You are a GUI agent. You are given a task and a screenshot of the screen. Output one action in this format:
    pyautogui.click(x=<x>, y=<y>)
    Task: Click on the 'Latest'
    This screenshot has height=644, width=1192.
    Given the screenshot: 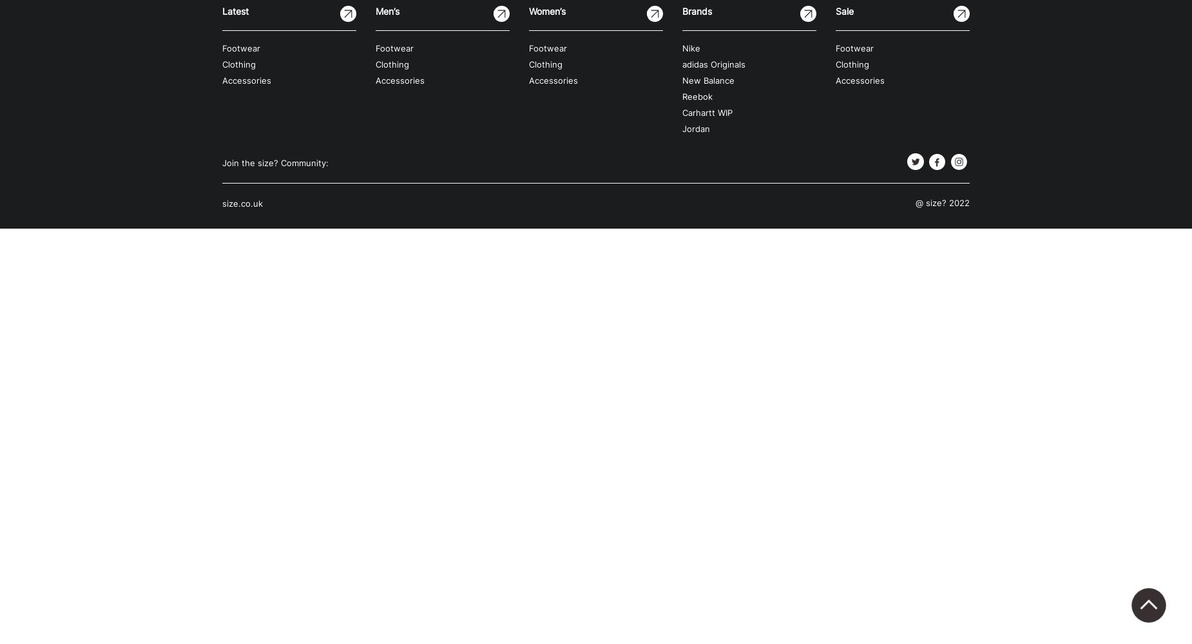 What is the action you would take?
    pyautogui.click(x=222, y=11)
    